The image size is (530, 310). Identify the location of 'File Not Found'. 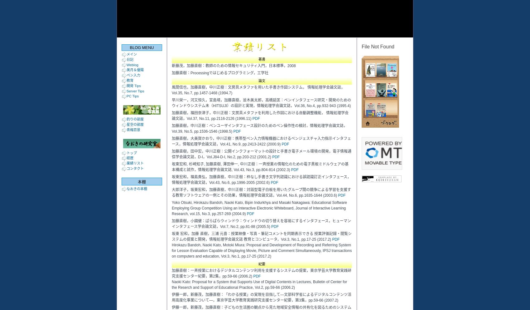
(362, 47).